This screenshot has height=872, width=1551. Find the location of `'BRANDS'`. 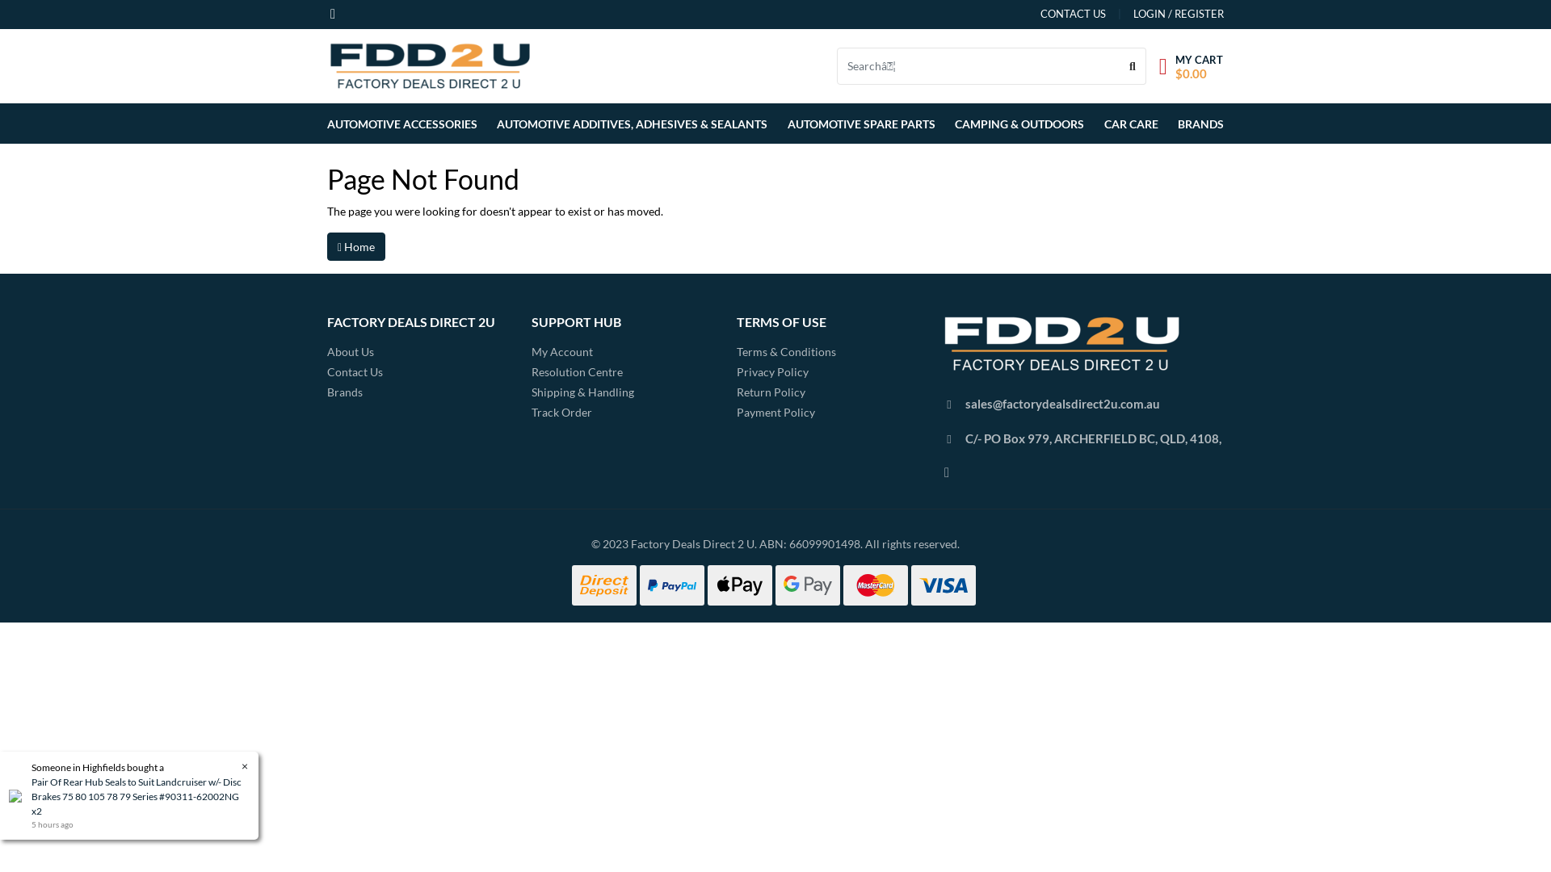

'BRANDS' is located at coordinates (1197, 123).